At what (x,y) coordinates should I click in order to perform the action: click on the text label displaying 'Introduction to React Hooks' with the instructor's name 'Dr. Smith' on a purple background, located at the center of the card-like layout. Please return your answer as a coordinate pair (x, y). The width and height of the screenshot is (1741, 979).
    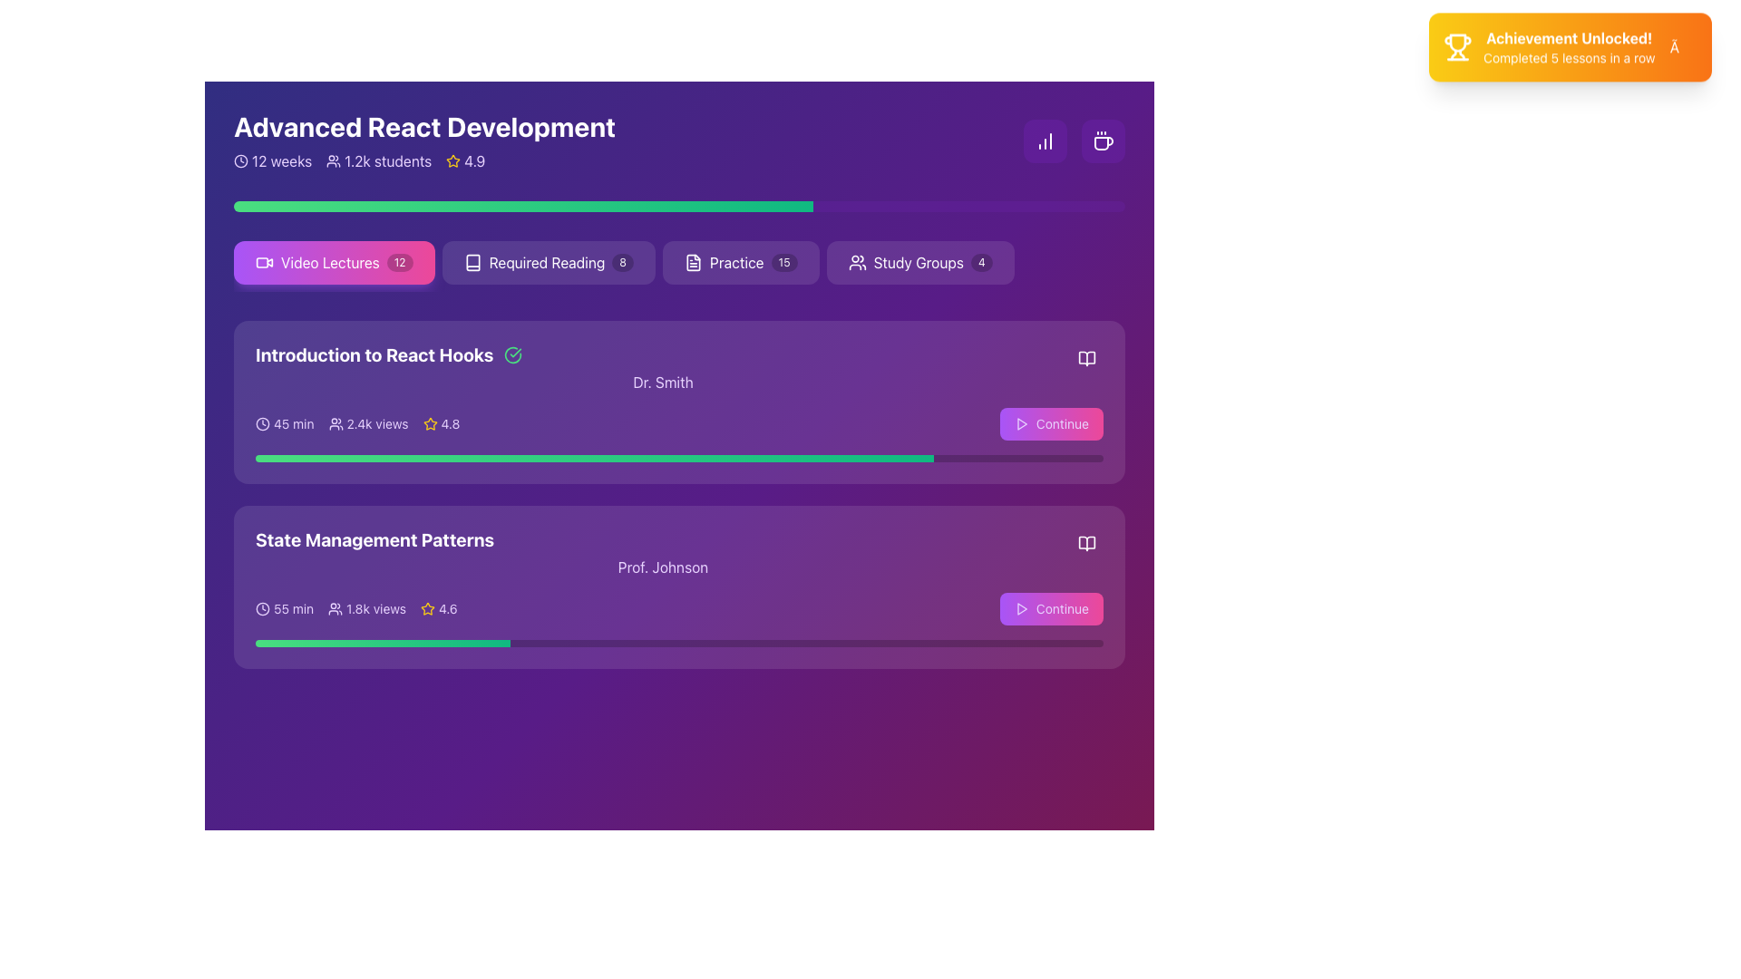
    Looking at the image, I should click on (678, 367).